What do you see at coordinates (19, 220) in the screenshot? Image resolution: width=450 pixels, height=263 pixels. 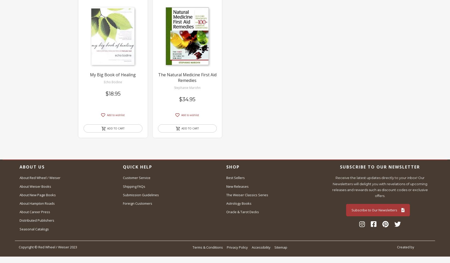 I see `'Distributed Publishers'` at bounding box center [19, 220].